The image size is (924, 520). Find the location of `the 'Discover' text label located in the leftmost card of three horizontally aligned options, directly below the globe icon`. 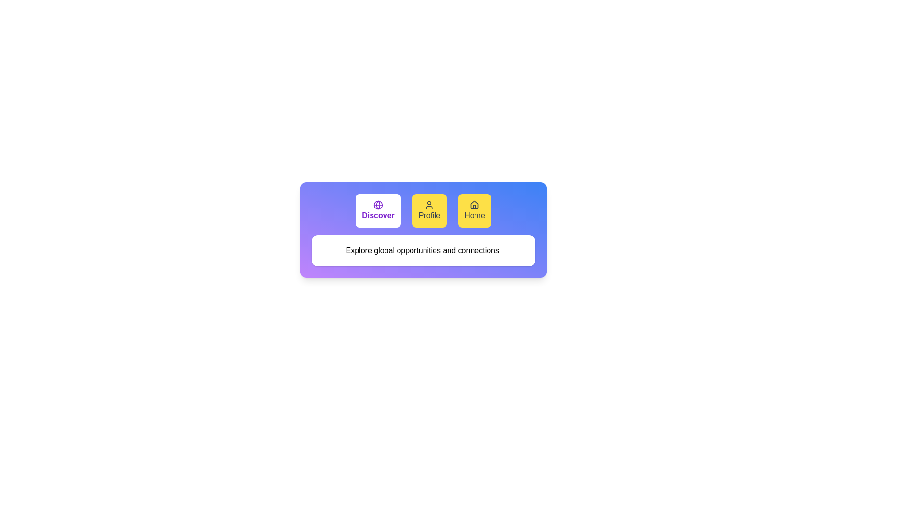

the 'Discover' text label located in the leftmost card of three horizontally aligned options, directly below the globe icon is located at coordinates (378, 215).